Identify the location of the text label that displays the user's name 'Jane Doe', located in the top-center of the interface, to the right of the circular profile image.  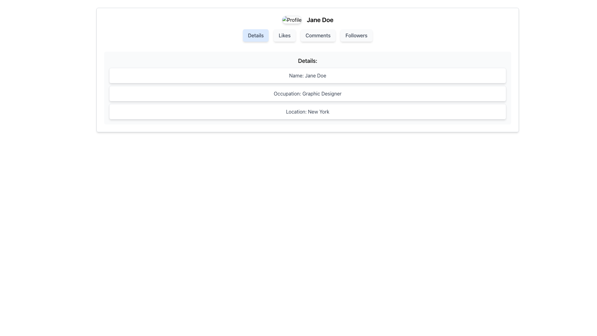
(320, 20).